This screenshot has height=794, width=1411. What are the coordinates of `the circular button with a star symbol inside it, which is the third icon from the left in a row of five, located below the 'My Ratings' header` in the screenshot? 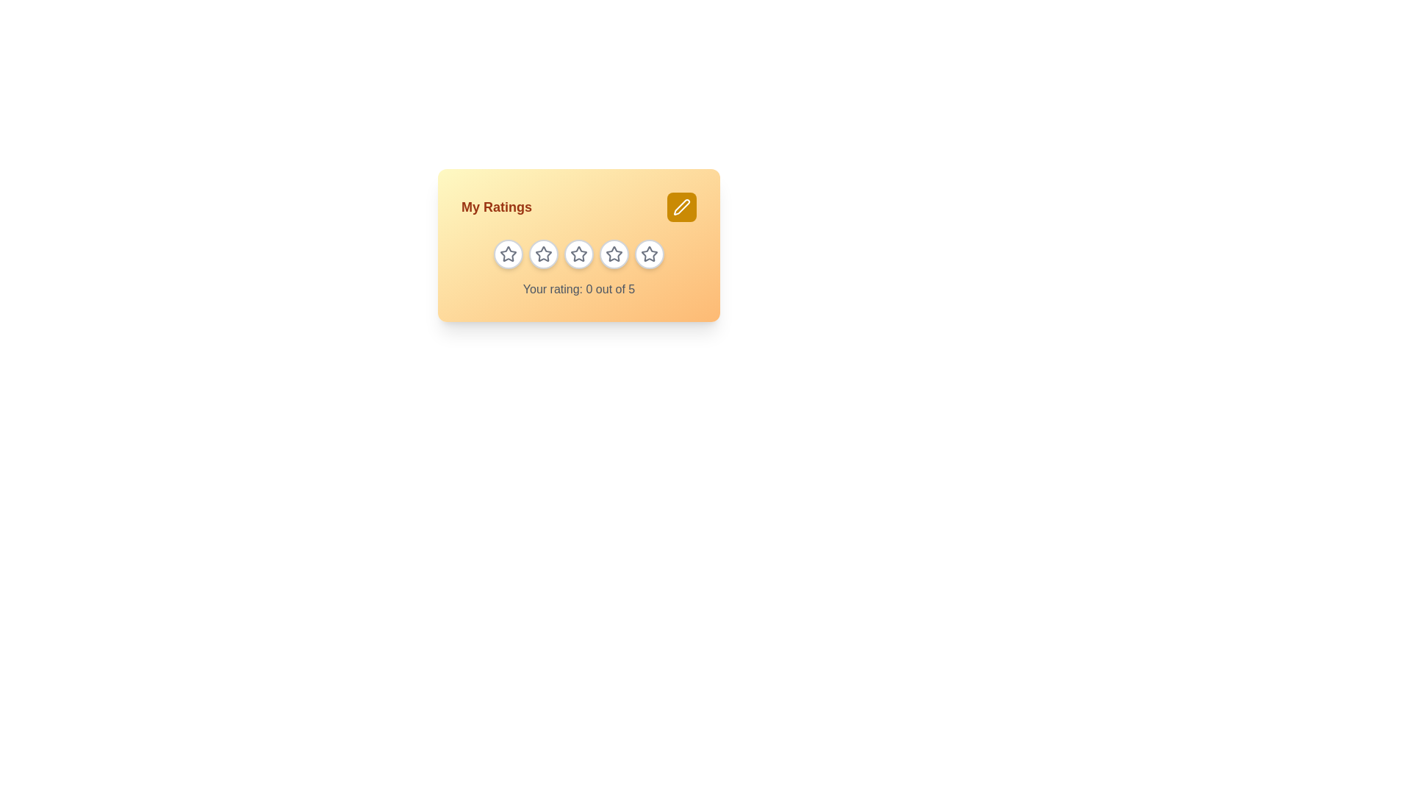 It's located at (578, 254).